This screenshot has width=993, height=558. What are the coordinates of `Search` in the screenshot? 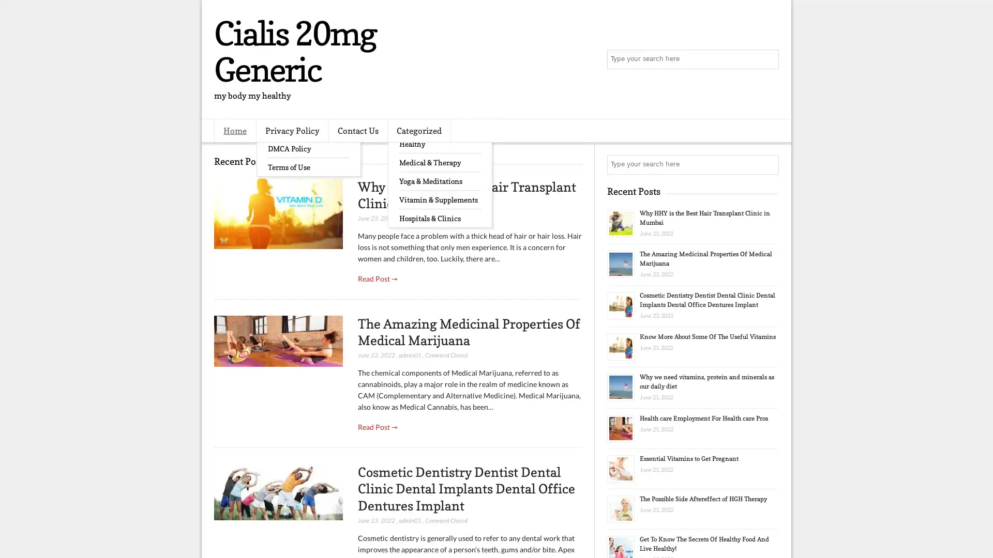 It's located at (768, 164).